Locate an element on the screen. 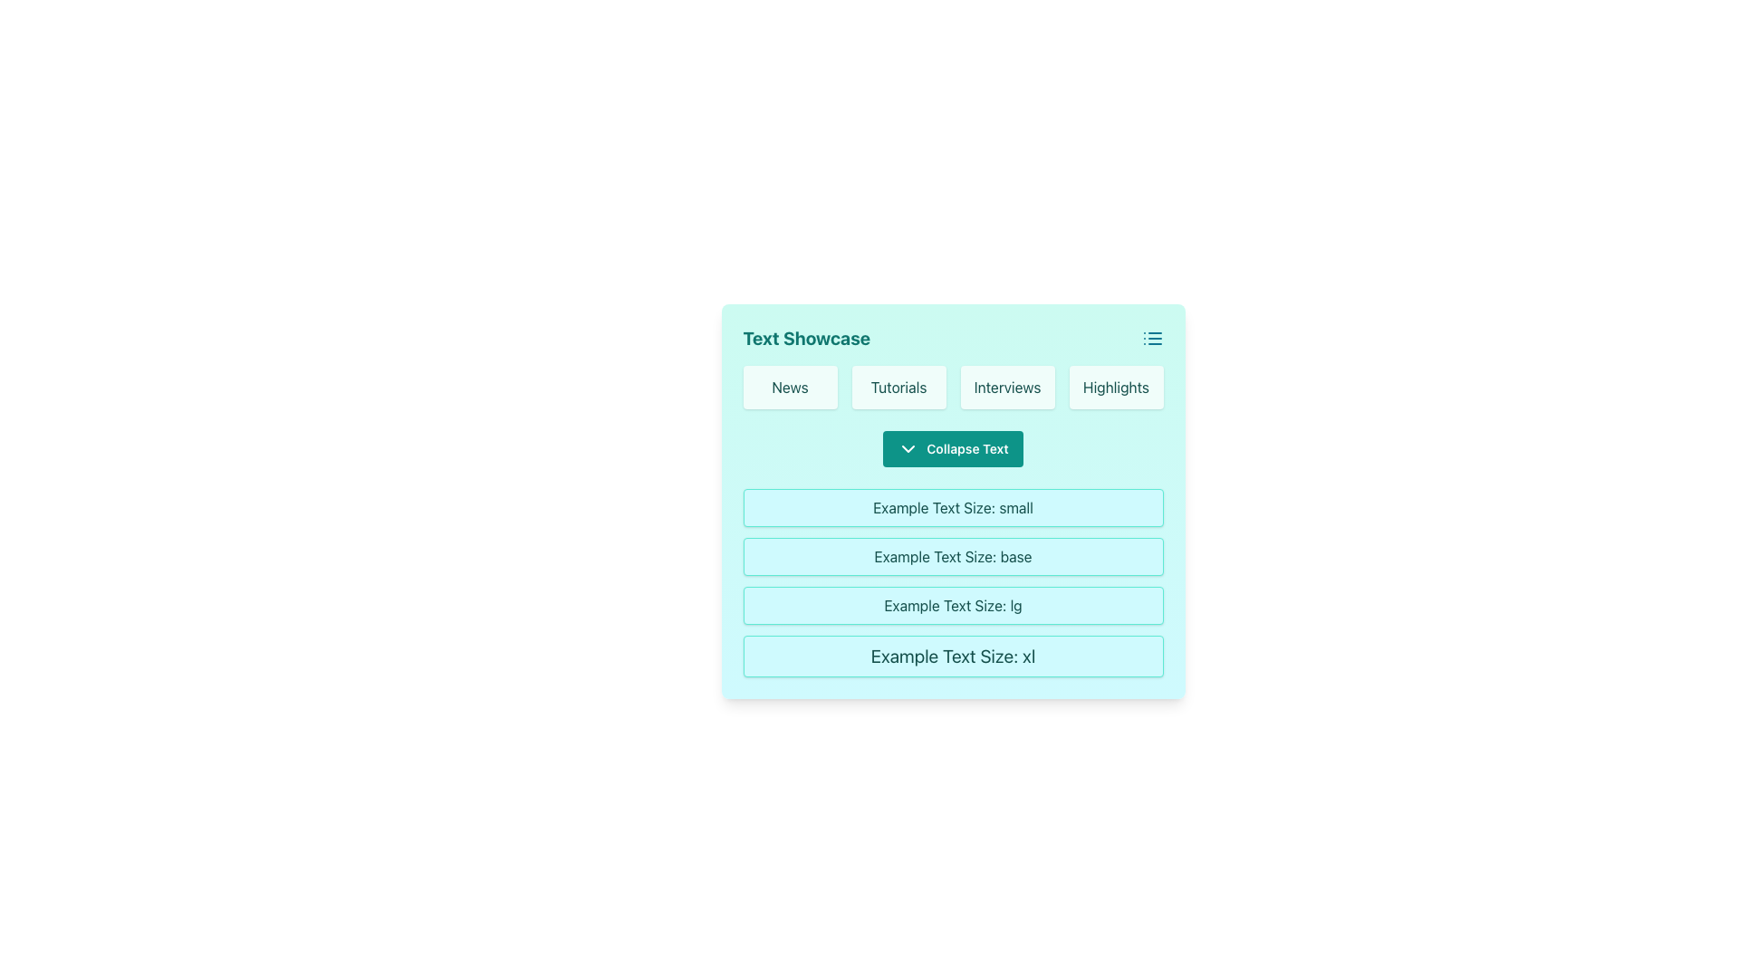 The image size is (1739, 978). the 'News' button located below the 'Text Showcase' heading, which is the first button in a row of four interactive buttons is located at coordinates (790, 387).